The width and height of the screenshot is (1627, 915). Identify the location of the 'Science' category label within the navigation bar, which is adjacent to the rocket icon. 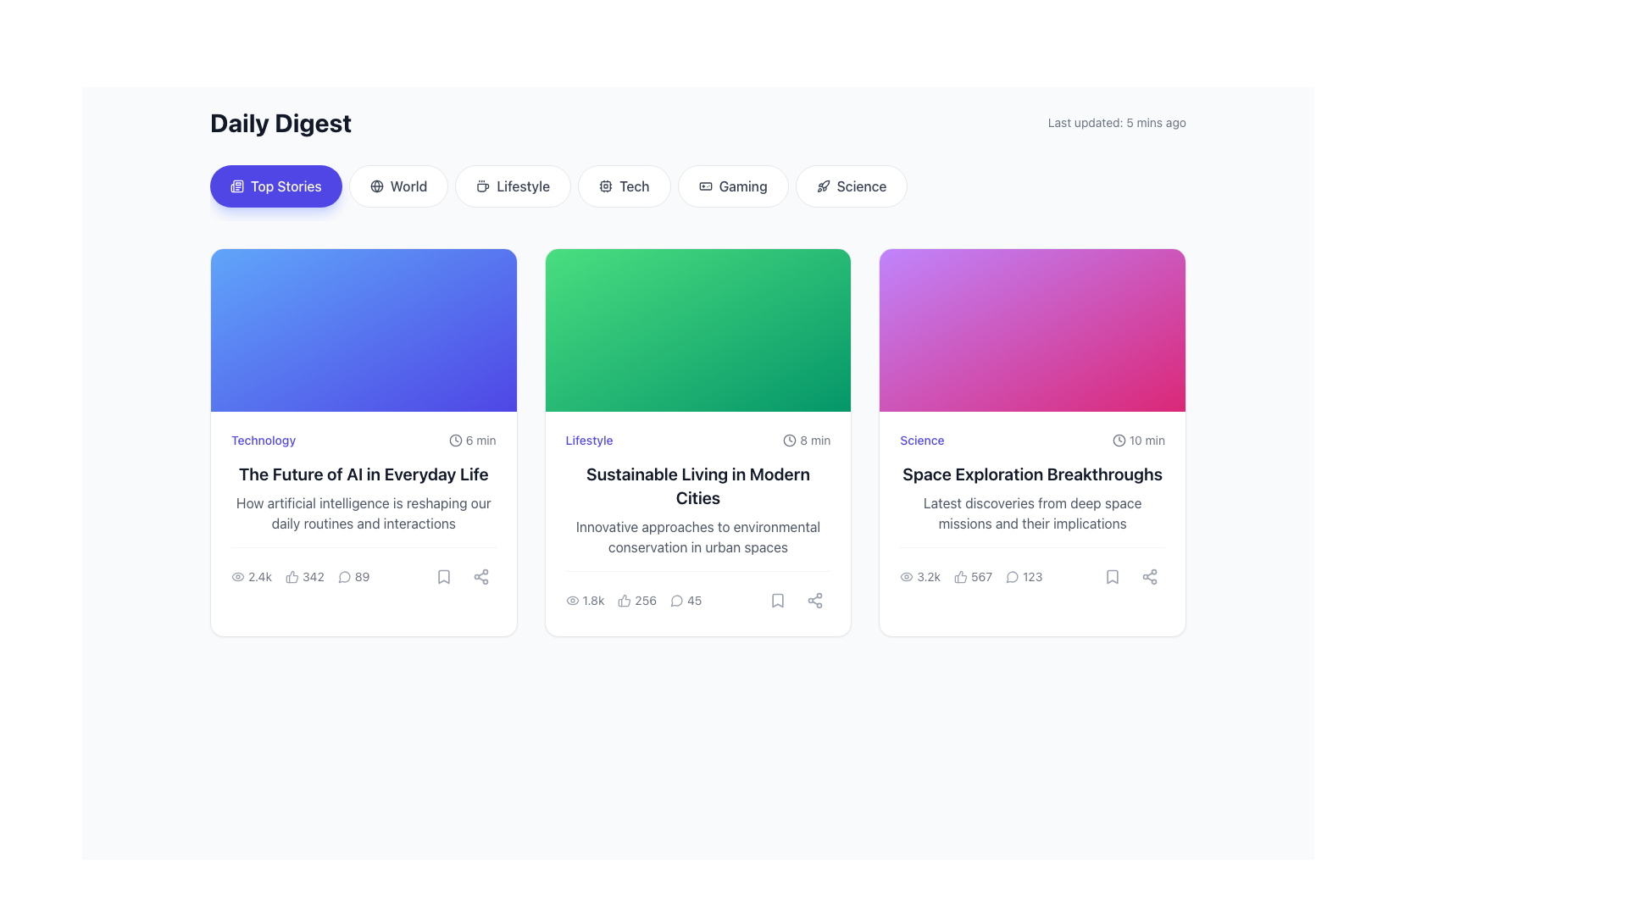
(862, 186).